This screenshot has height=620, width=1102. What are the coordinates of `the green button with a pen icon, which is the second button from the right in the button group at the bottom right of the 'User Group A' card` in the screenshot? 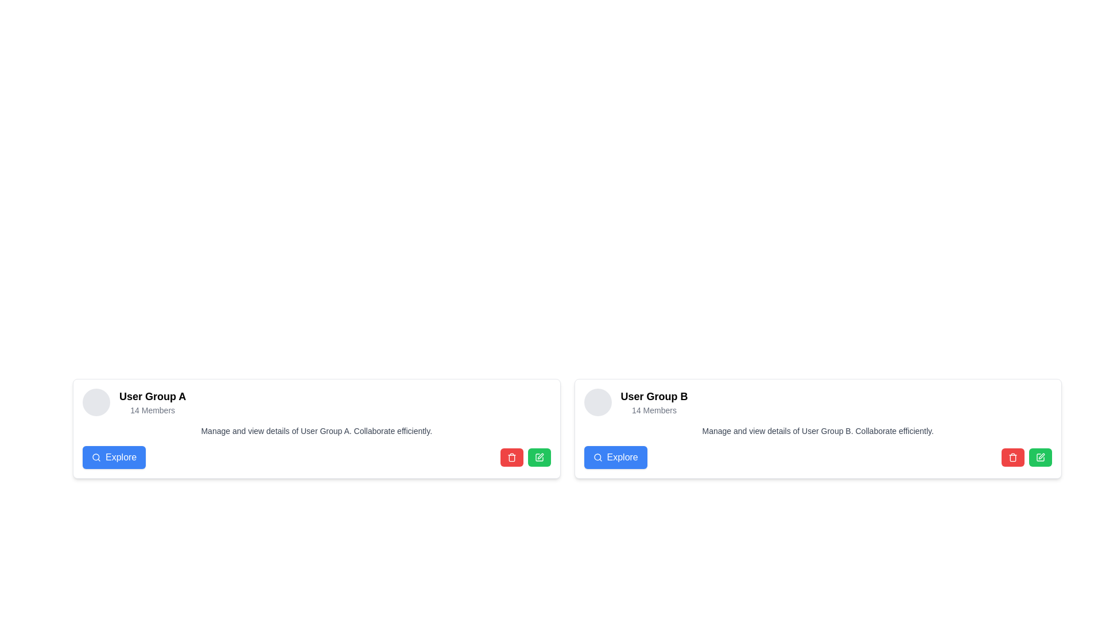 It's located at (538, 457).